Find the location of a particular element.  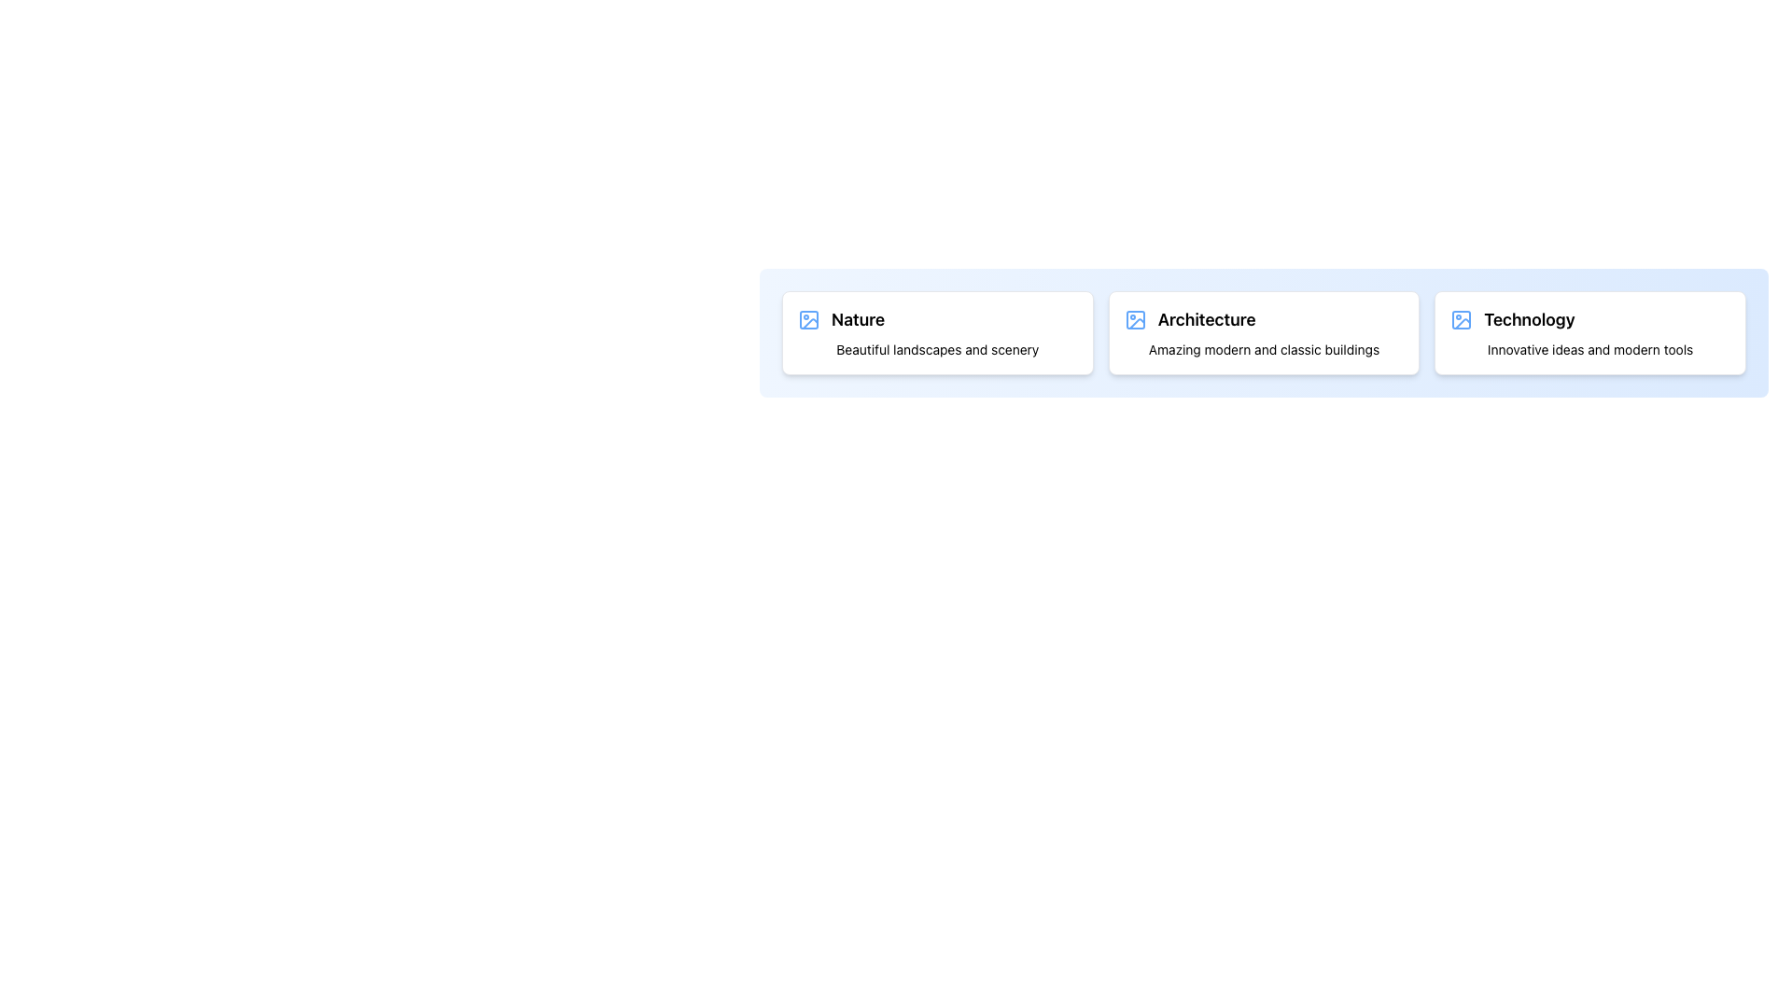

the bold text label displaying 'Technology' to trigger potential hover effects is located at coordinates (1529, 319).